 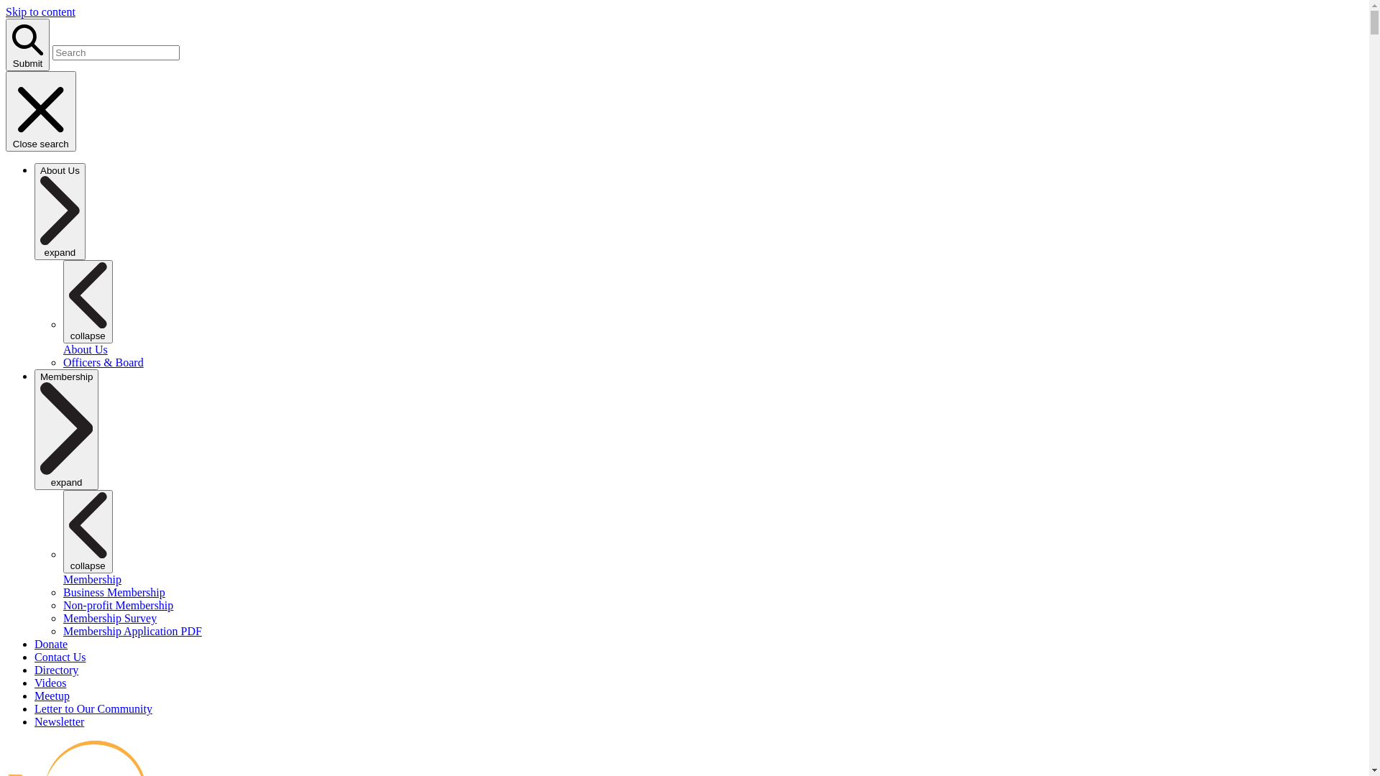 I want to click on 'Non-profit Membership', so click(x=62, y=605).